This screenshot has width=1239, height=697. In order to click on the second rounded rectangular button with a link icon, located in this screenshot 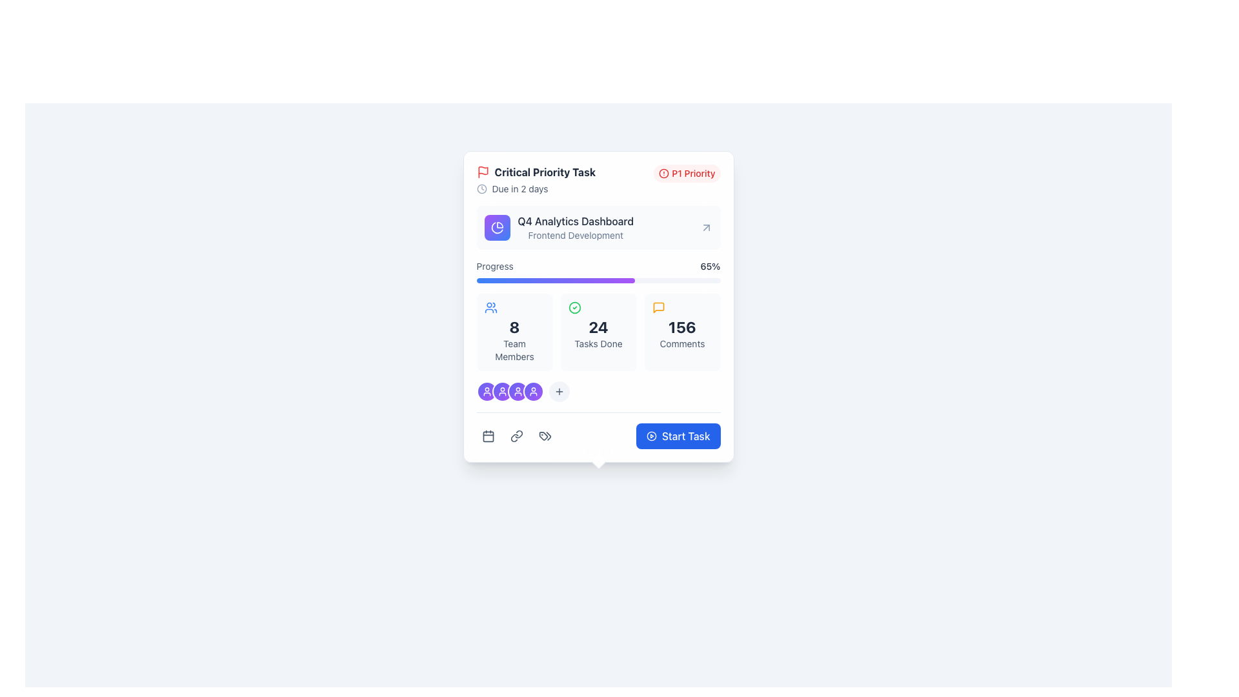, I will do `click(516, 436)`.